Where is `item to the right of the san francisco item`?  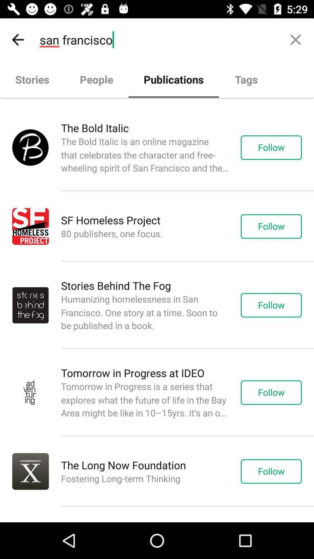
item to the right of the san francisco item is located at coordinates (296, 39).